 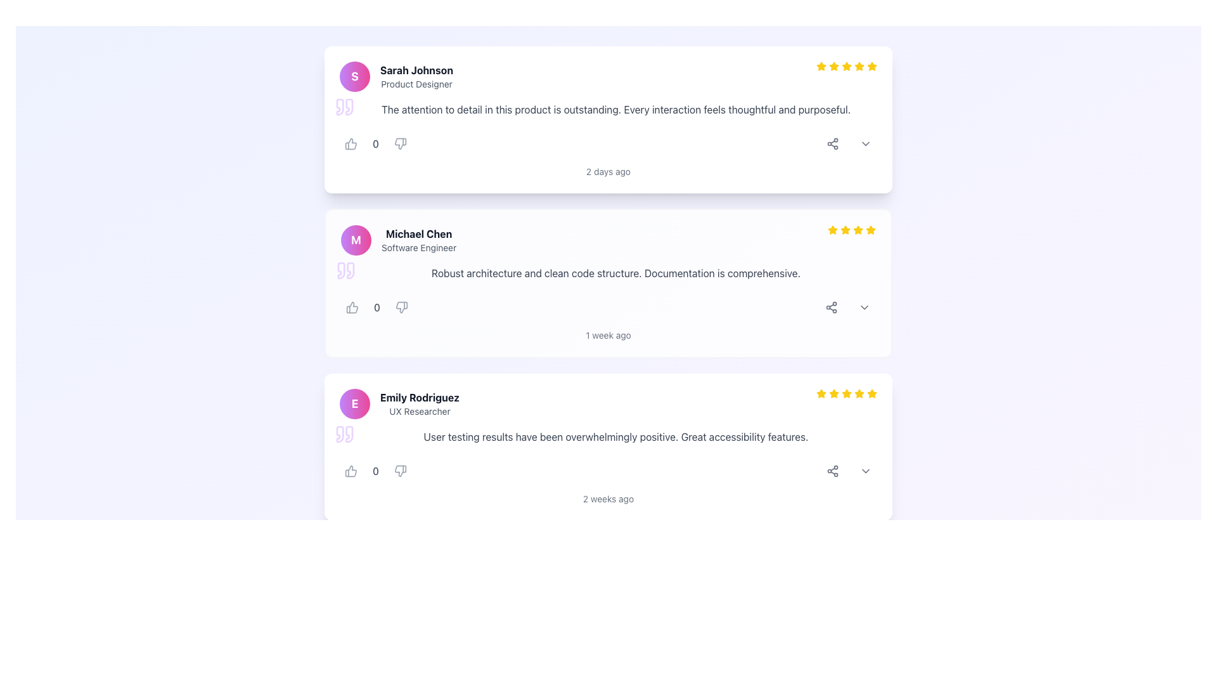 I want to click on the decorative quotation icon located in the bottom-most card of a vertical list layout, positioned to the left of the user's name and avatar in the header section of the card, so click(x=340, y=434).